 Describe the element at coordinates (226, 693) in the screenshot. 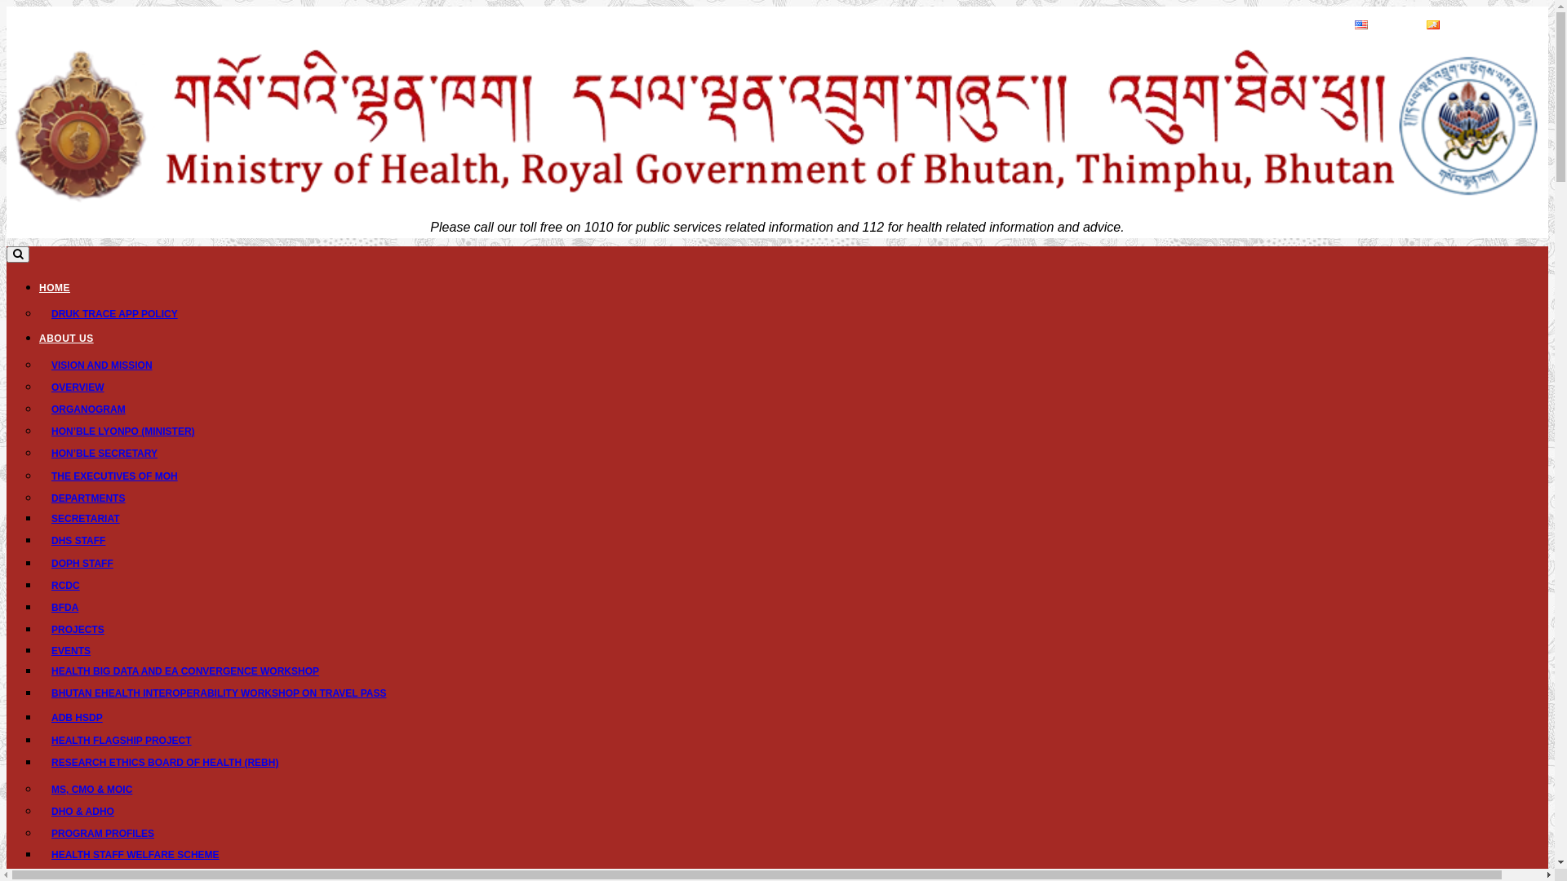

I see `'BHUTAN EHEALTH INTEROPERABILITY WORKSHOP ON TRAVEL PASS'` at that location.